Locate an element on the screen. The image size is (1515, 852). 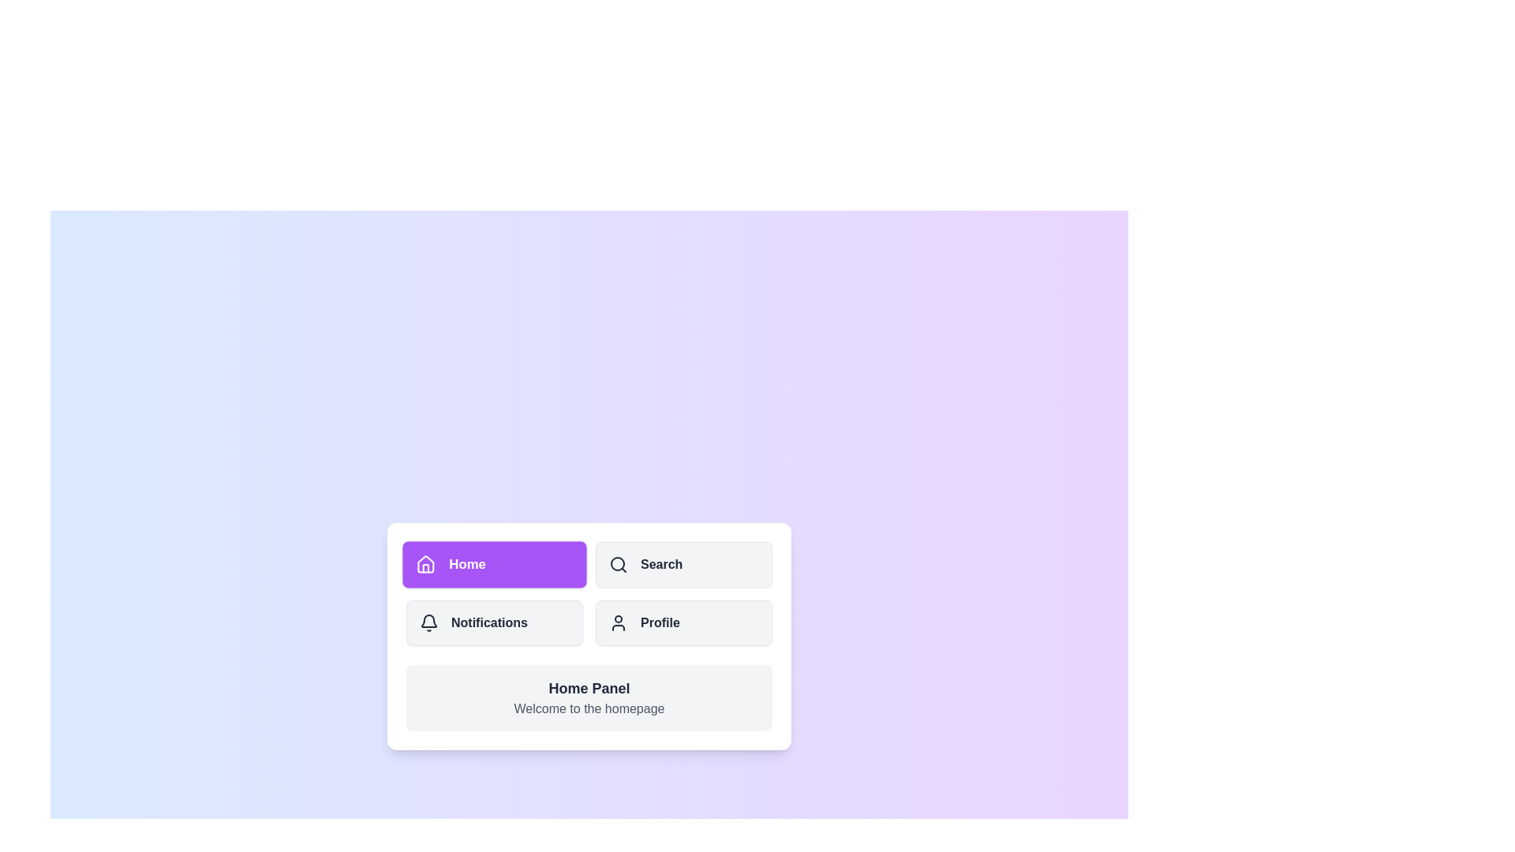
the Search tab in the navigation menu is located at coordinates (684, 564).